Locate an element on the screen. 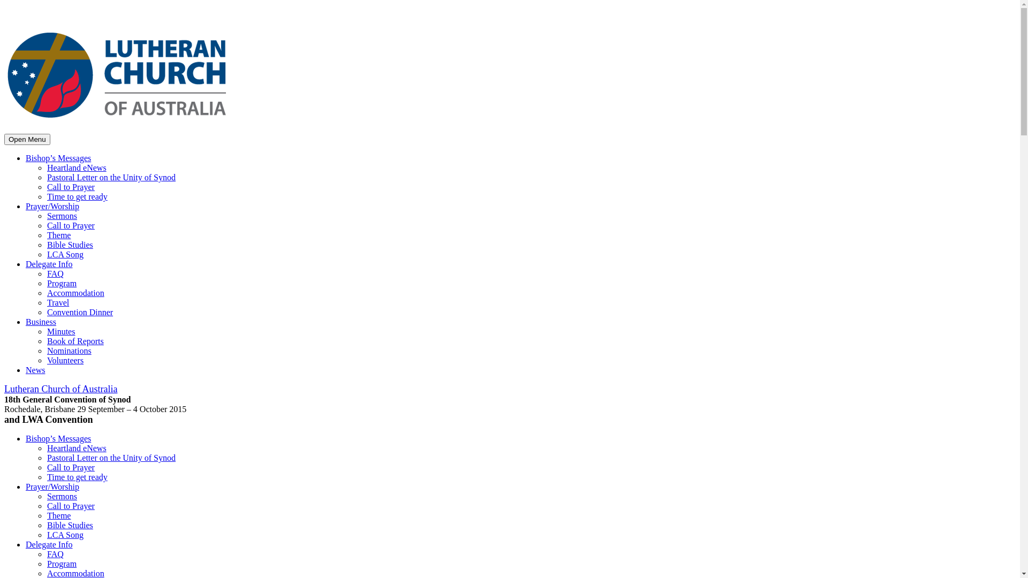 Image resolution: width=1028 pixels, height=578 pixels. 'Volunteers' is located at coordinates (64, 360).